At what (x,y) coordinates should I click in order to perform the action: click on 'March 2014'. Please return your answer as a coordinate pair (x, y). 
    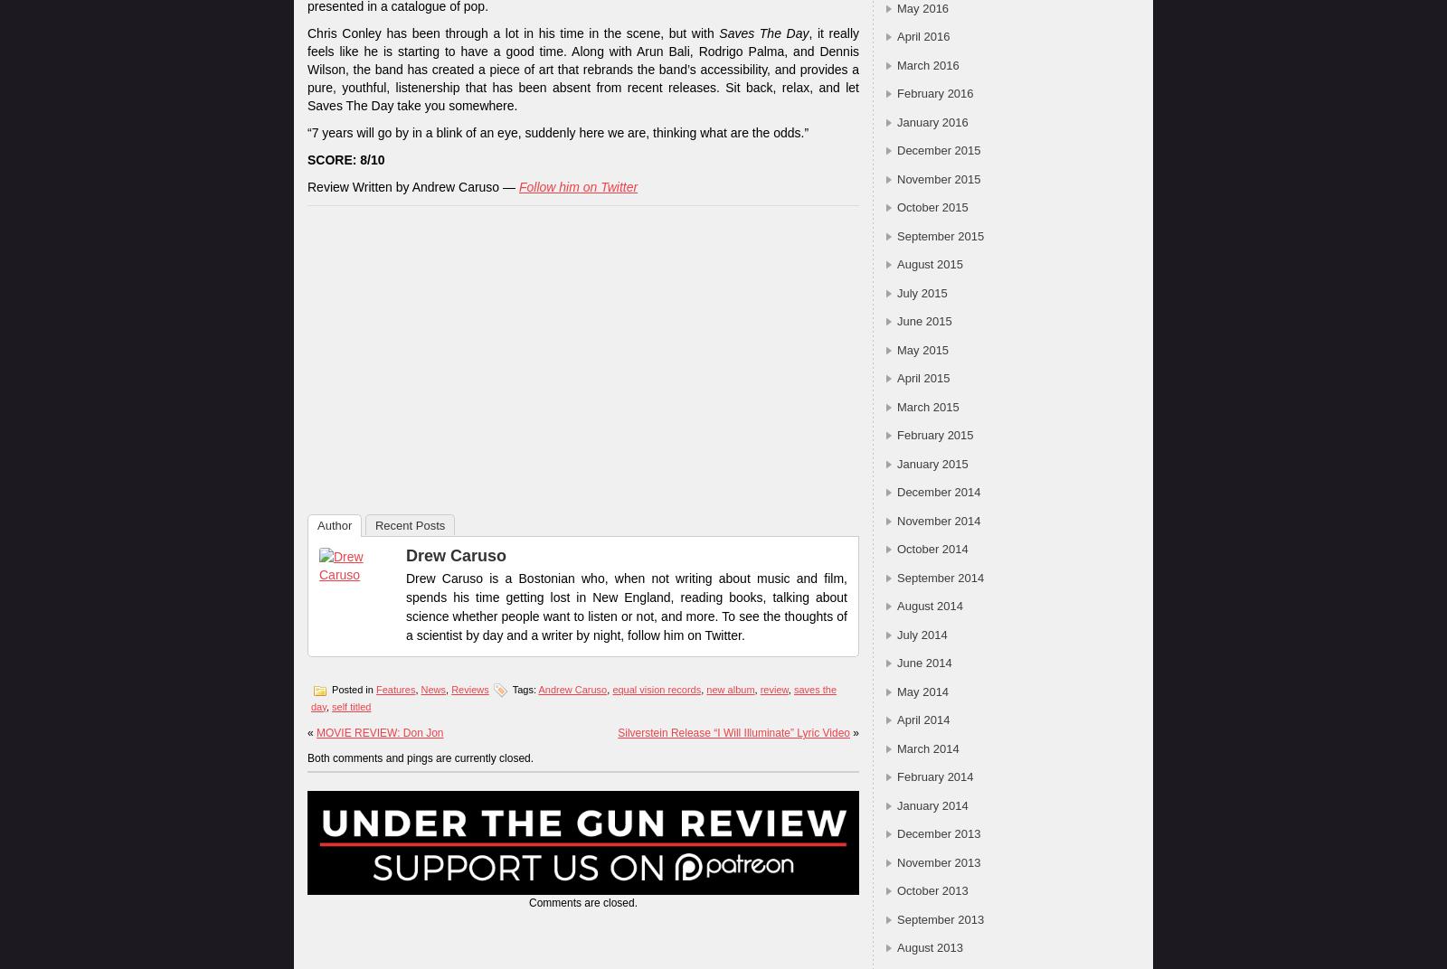
    Looking at the image, I should click on (927, 747).